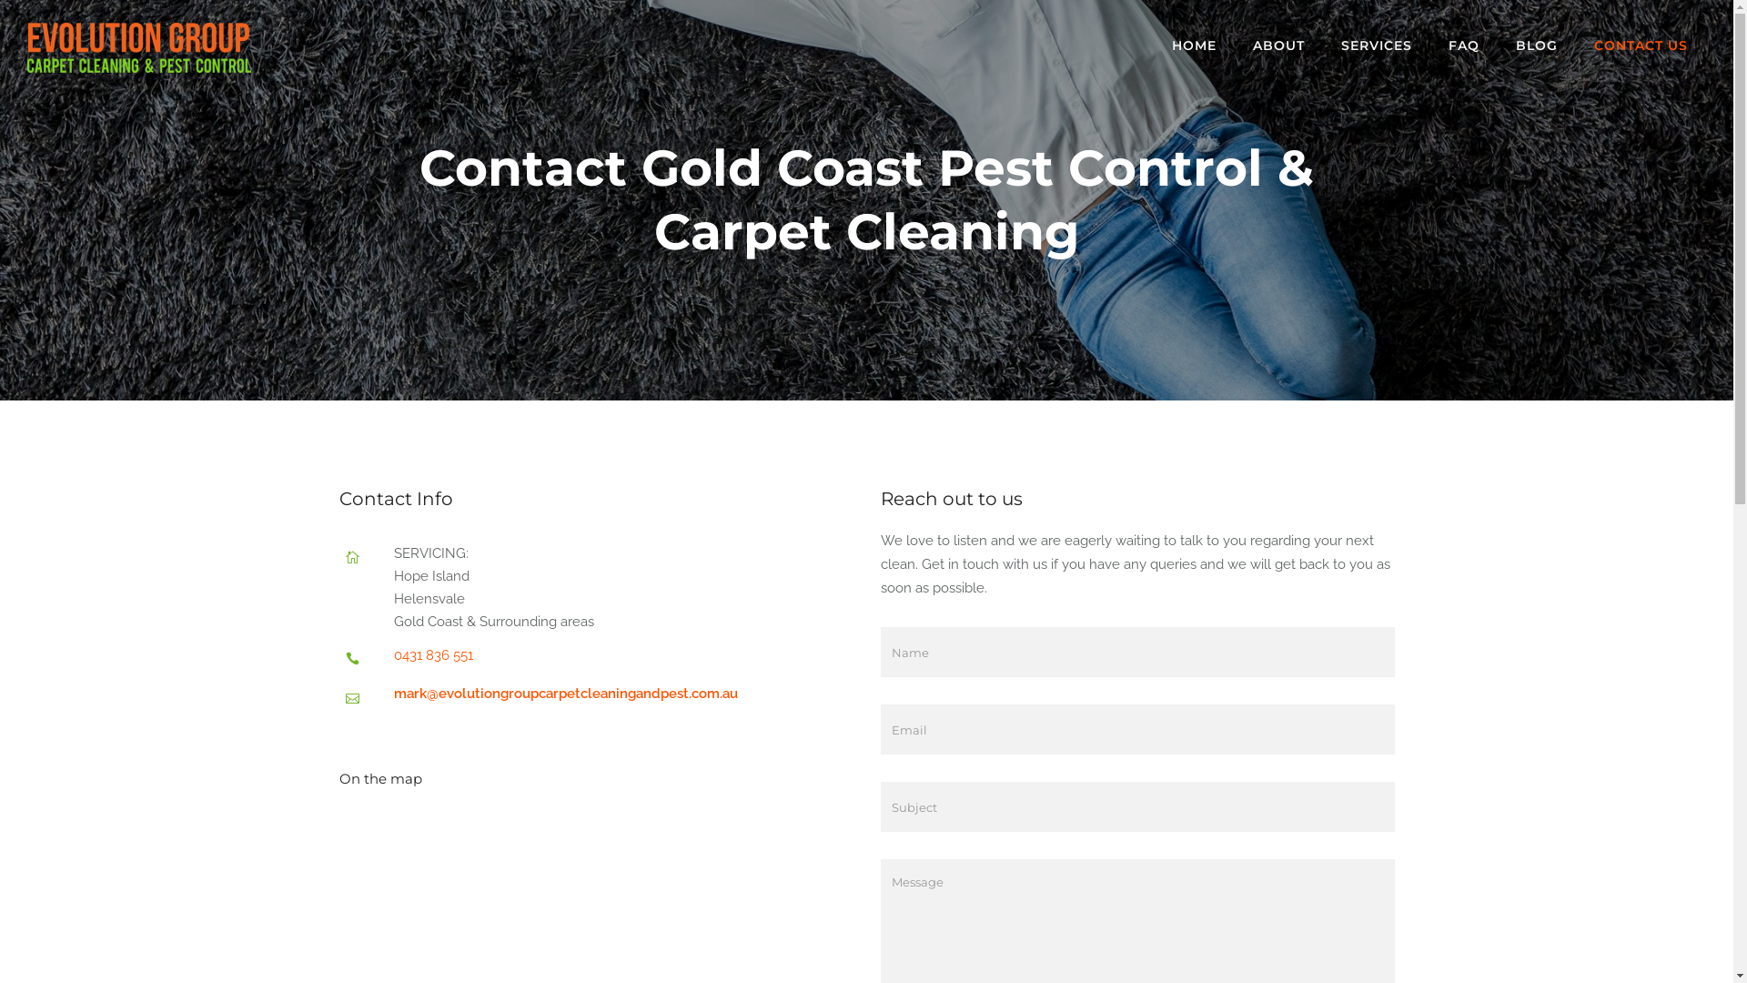 This screenshot has width=1747, height=983. I want to click on 'FAQ', so click(1463, 45).